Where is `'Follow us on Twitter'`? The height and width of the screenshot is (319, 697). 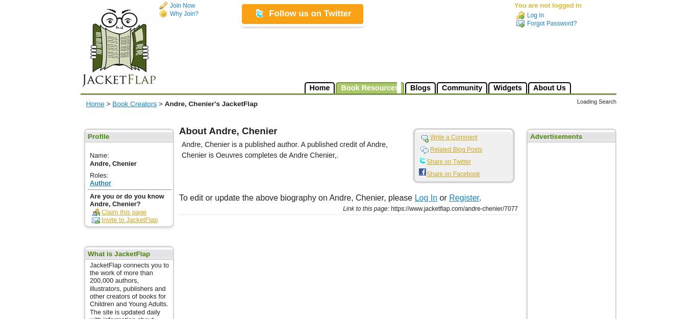
'Follow us on Twitter' is located at coordinates (269, 13).